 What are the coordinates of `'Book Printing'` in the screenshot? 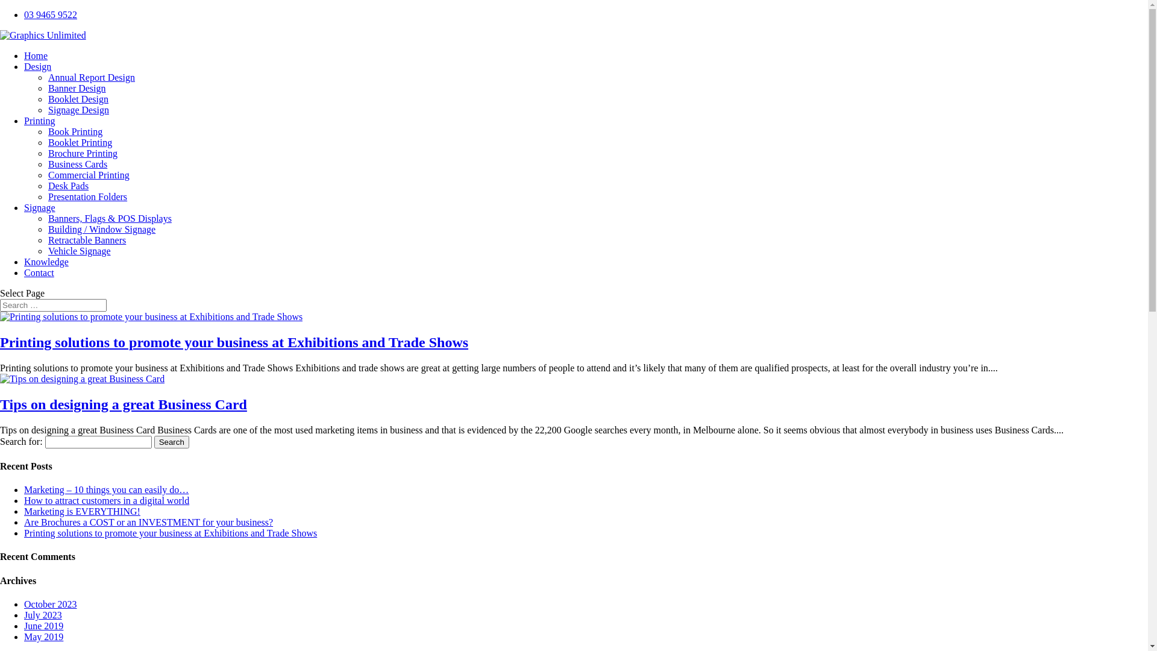 It's located at (74, 131).